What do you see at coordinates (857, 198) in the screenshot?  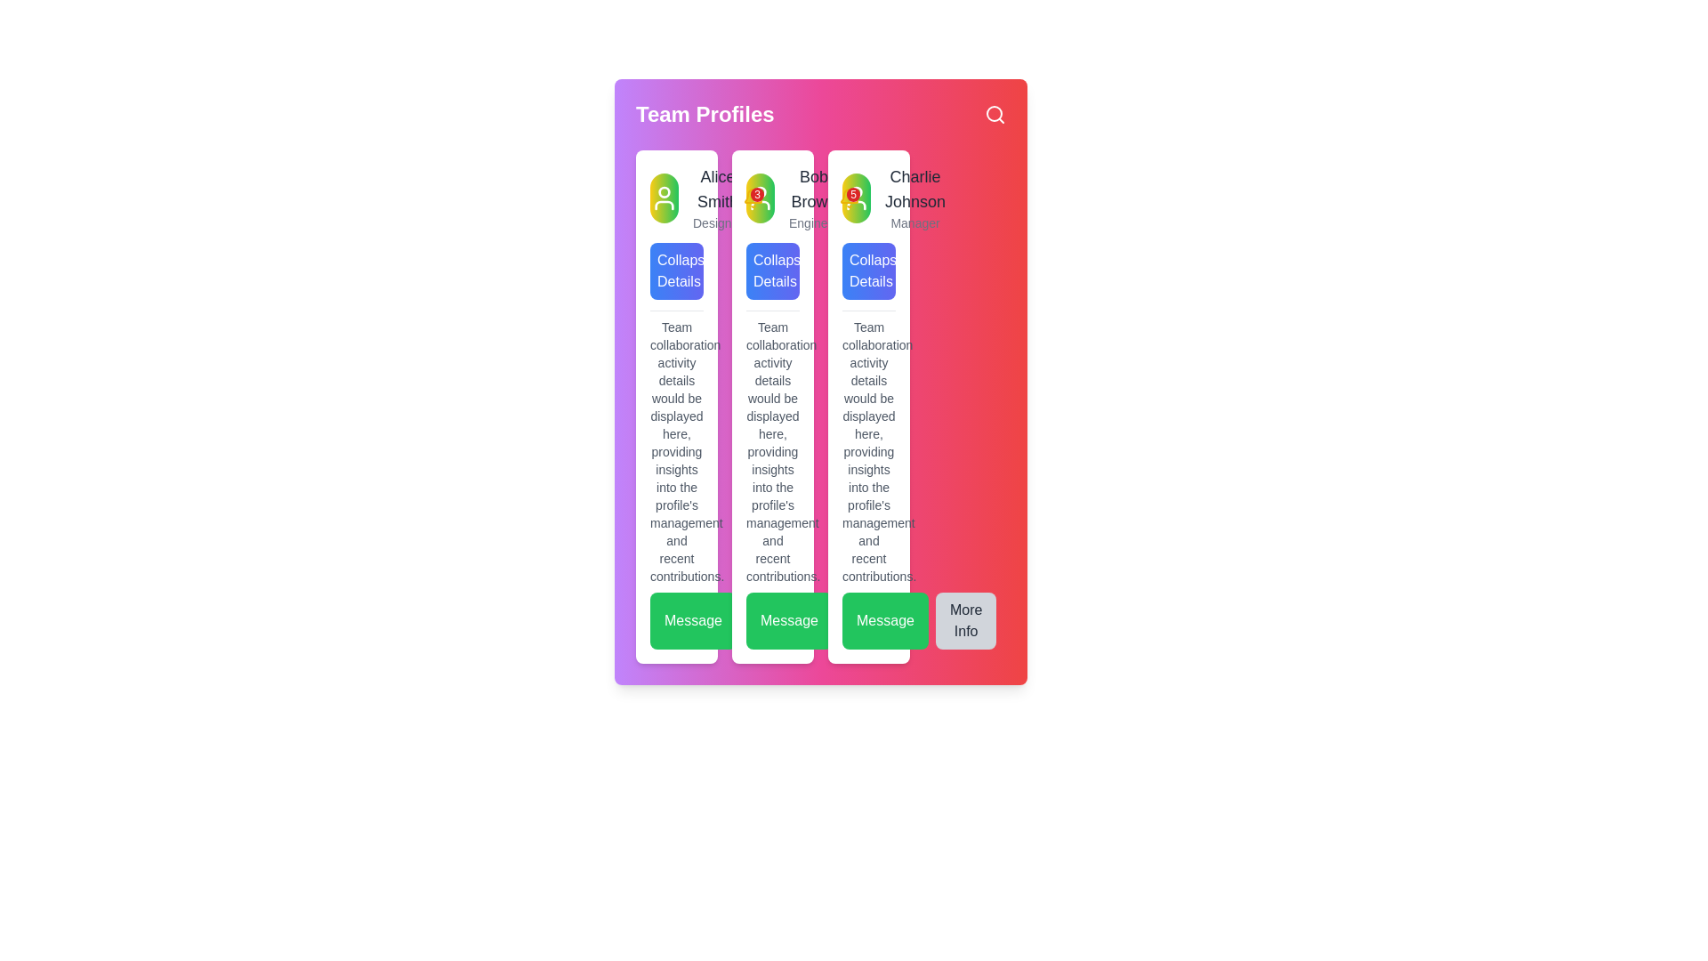 I see `the notification badge icon for 'Charlie Johnson' in the third column of 'Team Profiles', indicating five notifications` at bounding box center [857, 198].